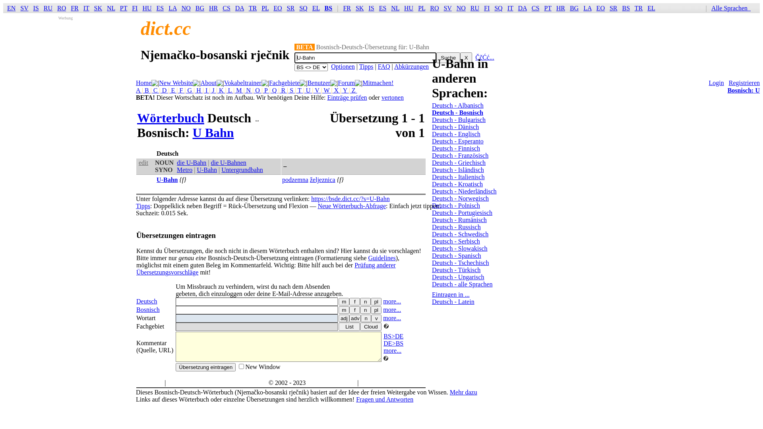  Describe the element at coordinates (252, 8) in the screenshot. I see `'TR'` at that location.